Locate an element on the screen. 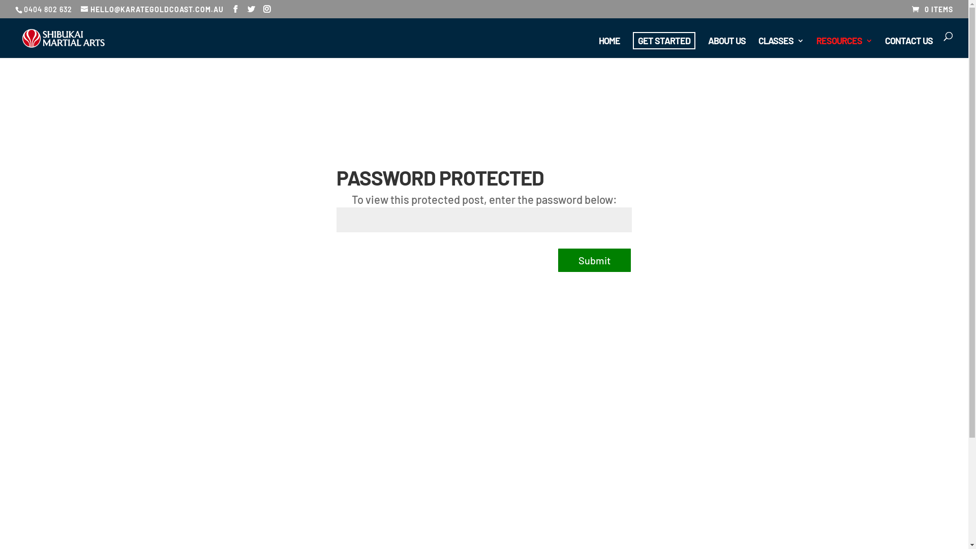  'HELLO@KARATEGOLDCOAST.COM.AU' is located at coordinates (151, 9).